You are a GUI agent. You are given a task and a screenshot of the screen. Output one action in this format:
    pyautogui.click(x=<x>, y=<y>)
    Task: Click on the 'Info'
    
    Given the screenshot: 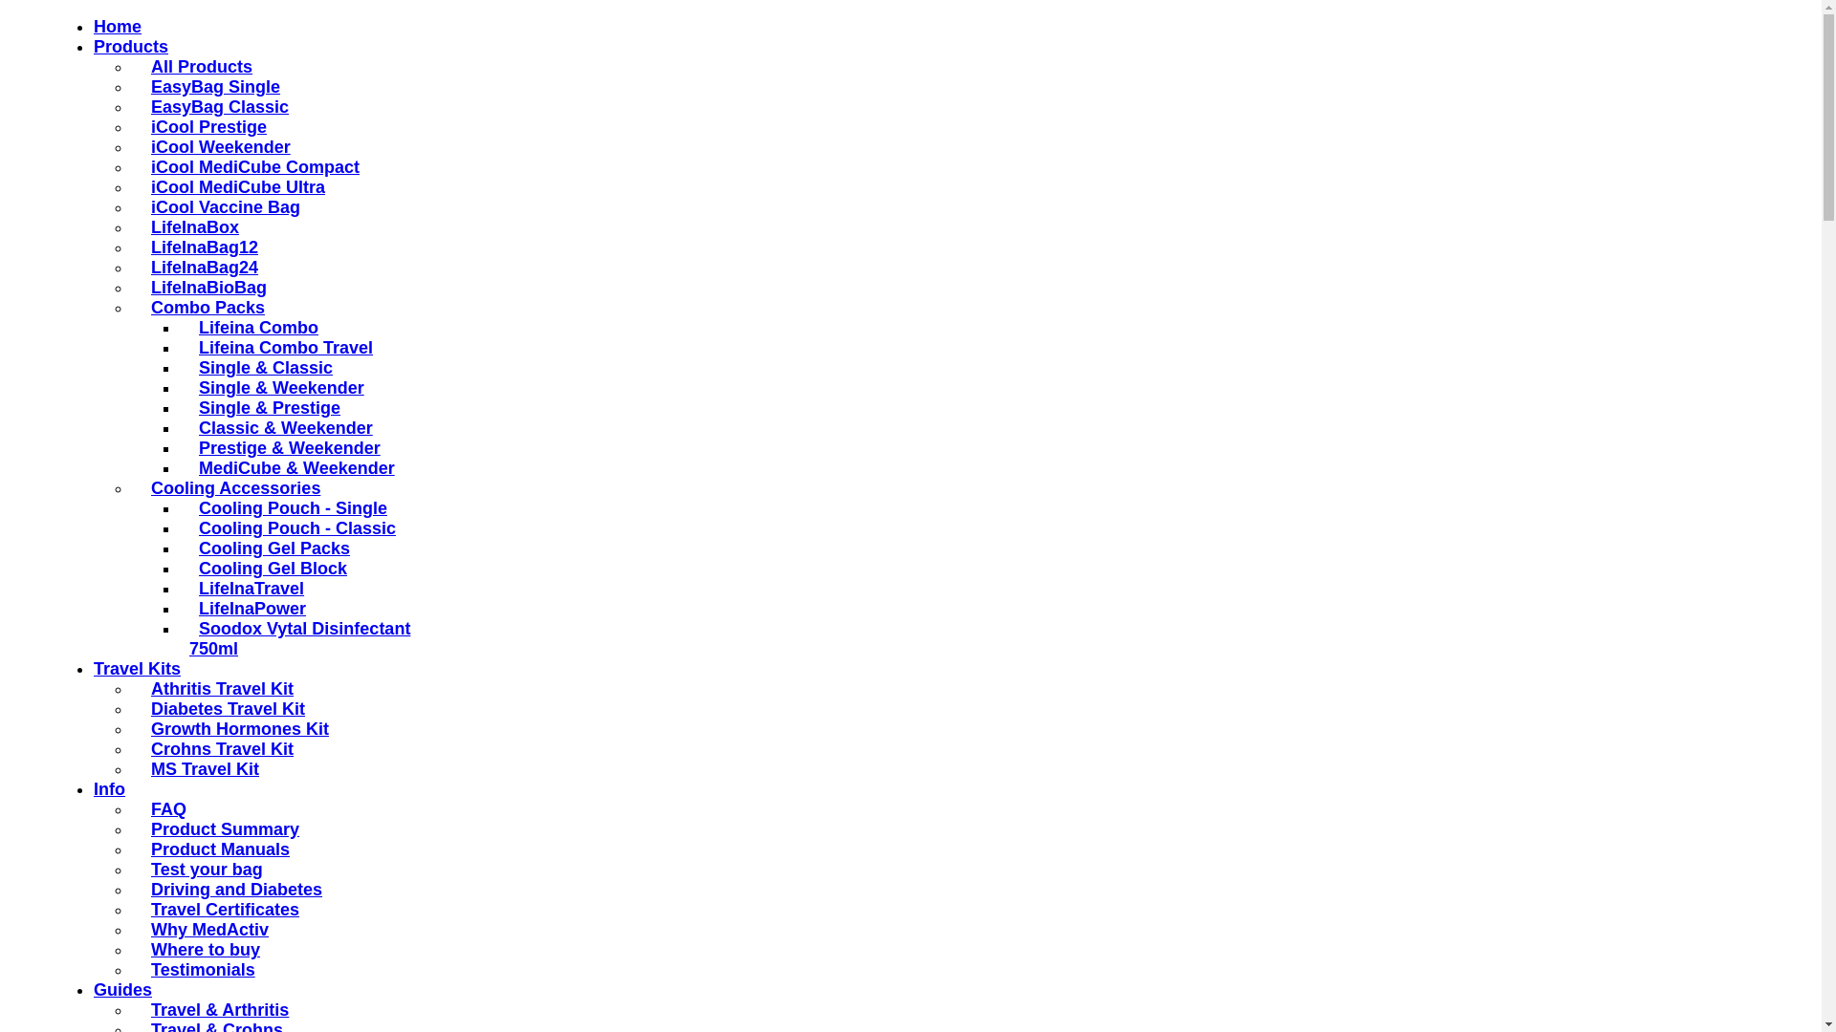 What is the action you would take?
    pyautogui.click(x=108, y=788)
    